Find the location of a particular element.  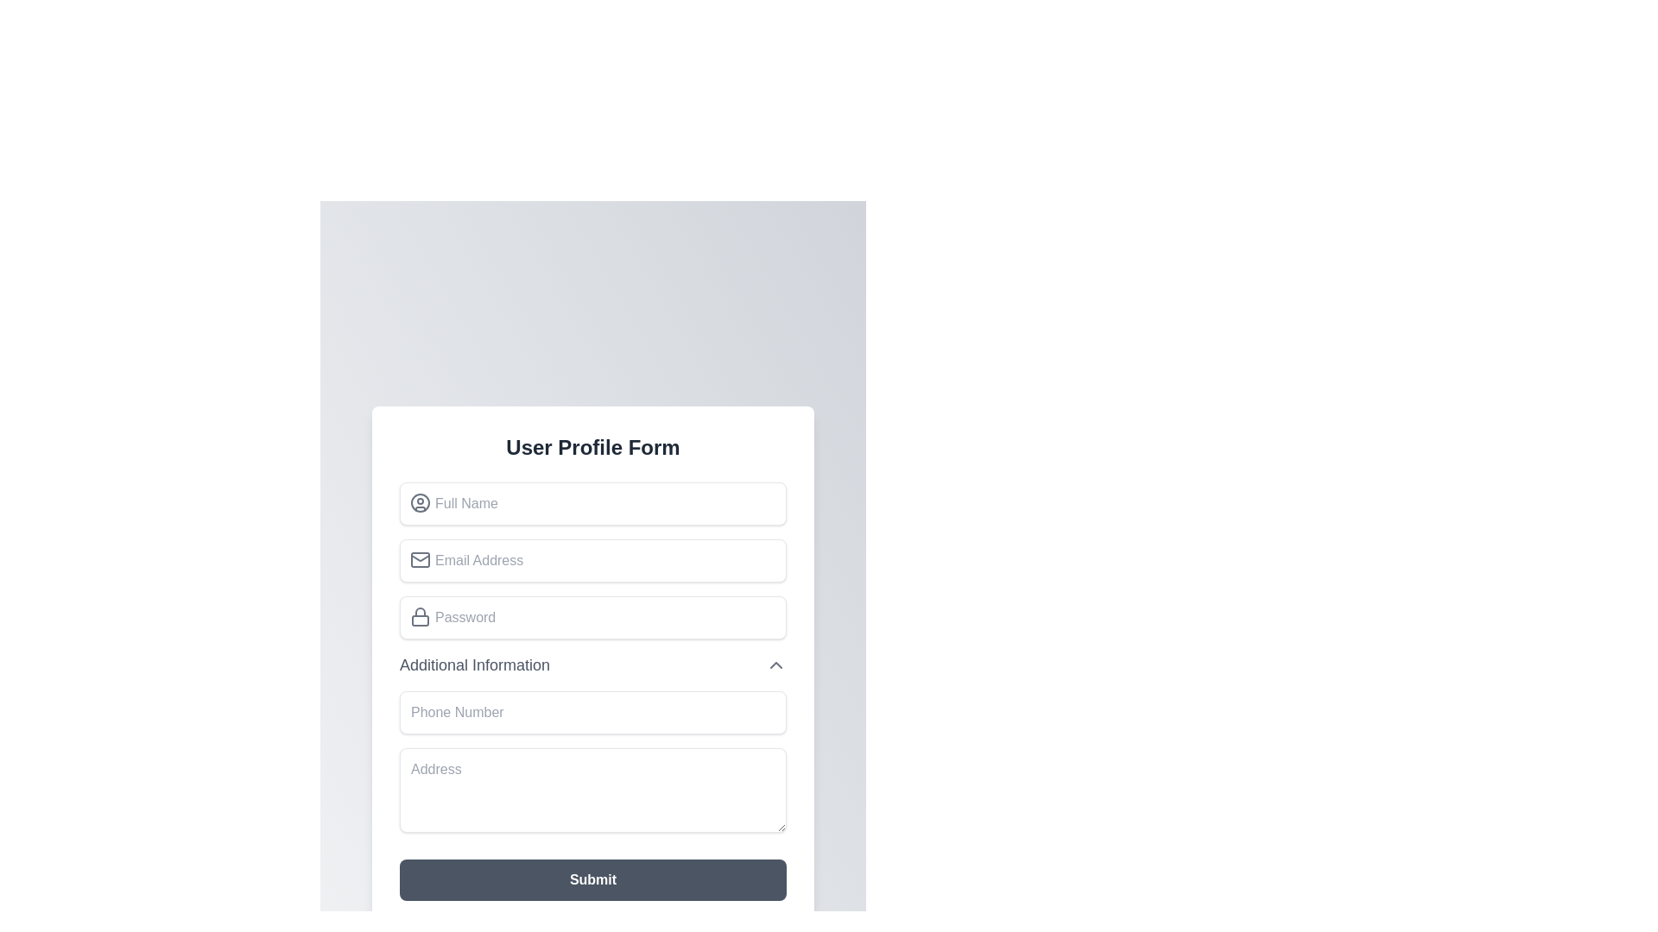

the static text label displaying 'Additional Information', which is styled with medium font weight and light gray color, located above a button and icon in the lower half of the form under the 'Password' field is located at coordinates (475, 664).